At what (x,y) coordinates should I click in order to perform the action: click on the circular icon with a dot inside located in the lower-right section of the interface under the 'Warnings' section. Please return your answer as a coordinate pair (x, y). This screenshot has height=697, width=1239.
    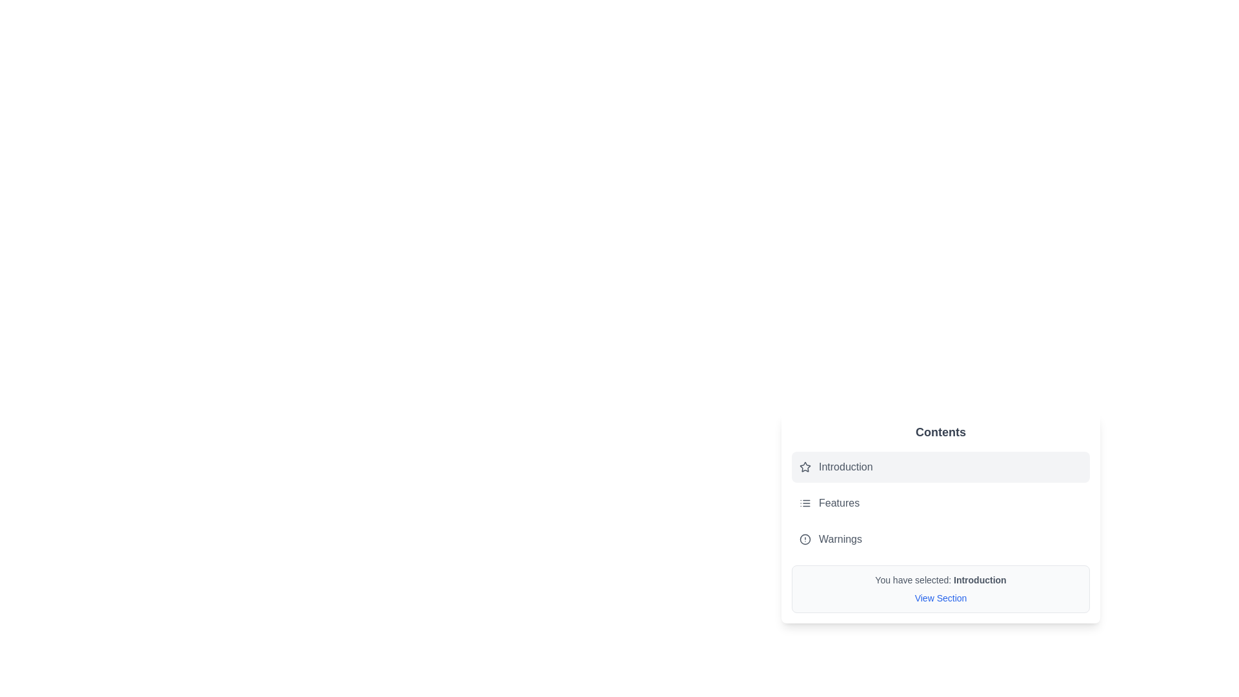
    Looking at the image, I should click on (805, 540).